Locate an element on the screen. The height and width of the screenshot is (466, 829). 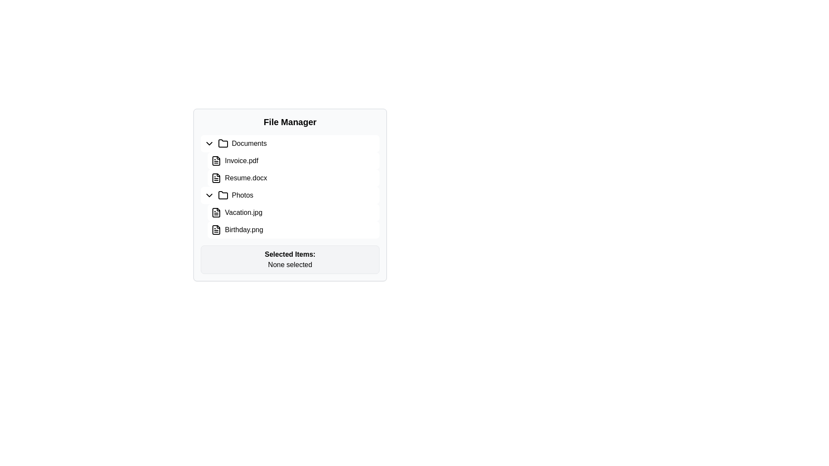
to select the file named 'Birthday.png' located in the 'Photos' section of the file manager panel is located at coordinates (290, 229).